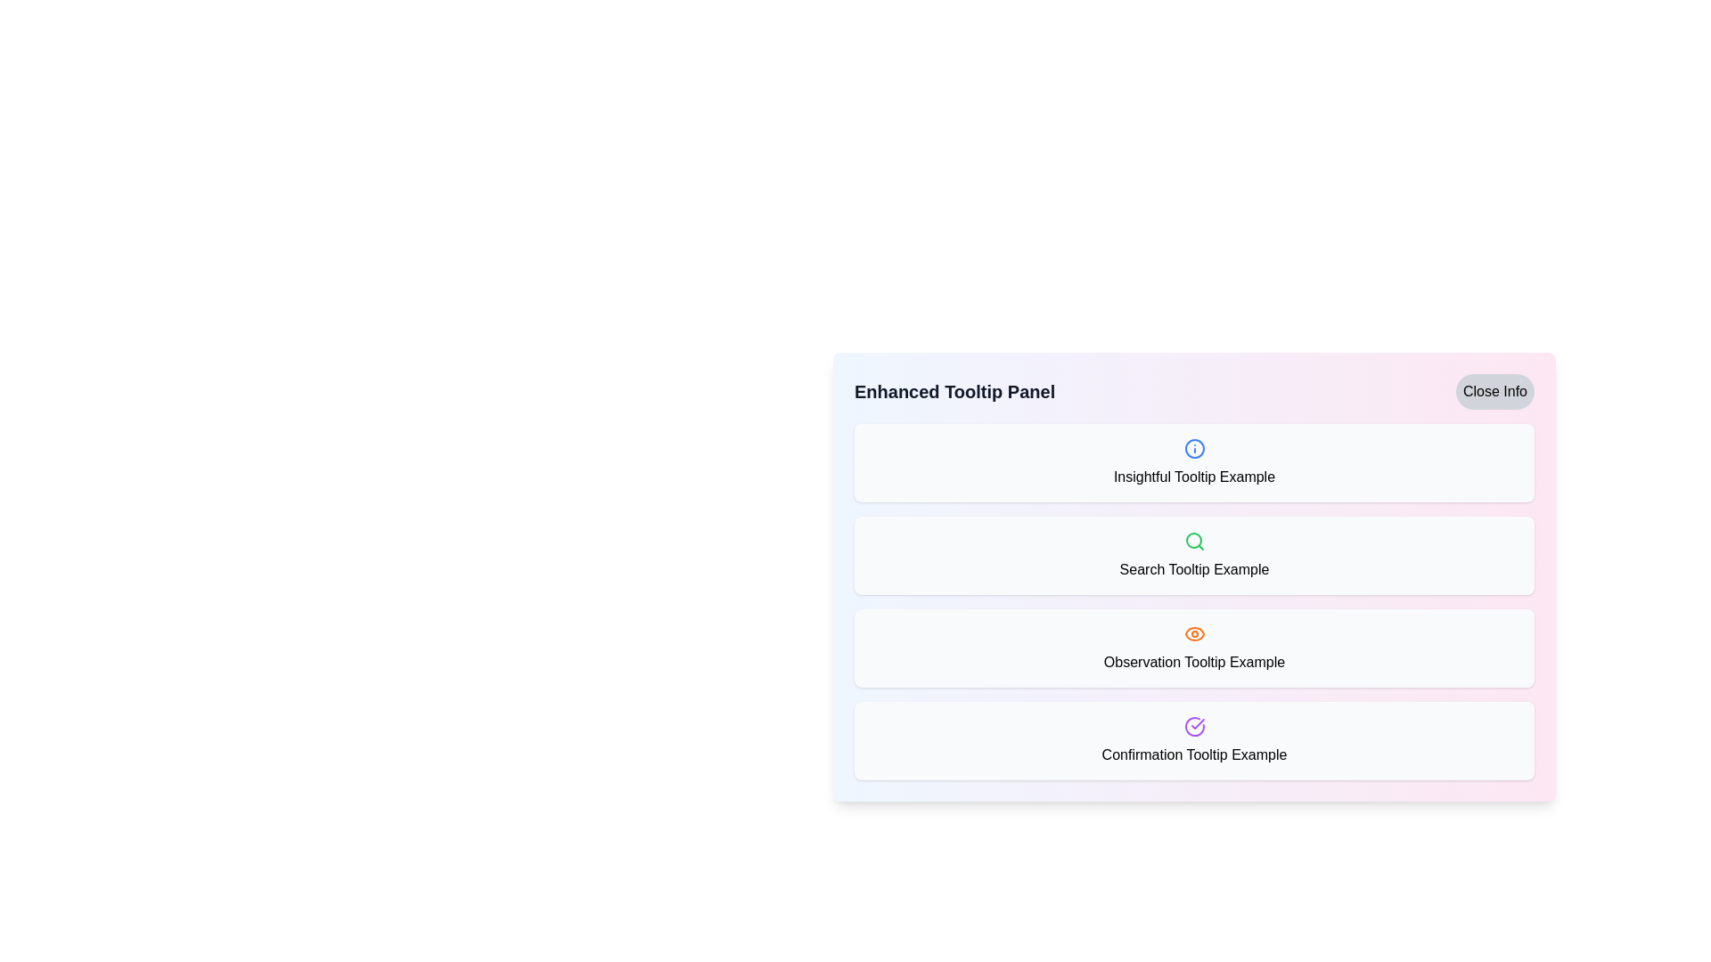 The height and width of the screenshot is (962, 1711). I want to click on the circular icon representing the 'Insightful Tooltip Example' entry, which is part of the 'Enhanced Tooltip Panel' and positioned above the associated label, so click(1194, 448).